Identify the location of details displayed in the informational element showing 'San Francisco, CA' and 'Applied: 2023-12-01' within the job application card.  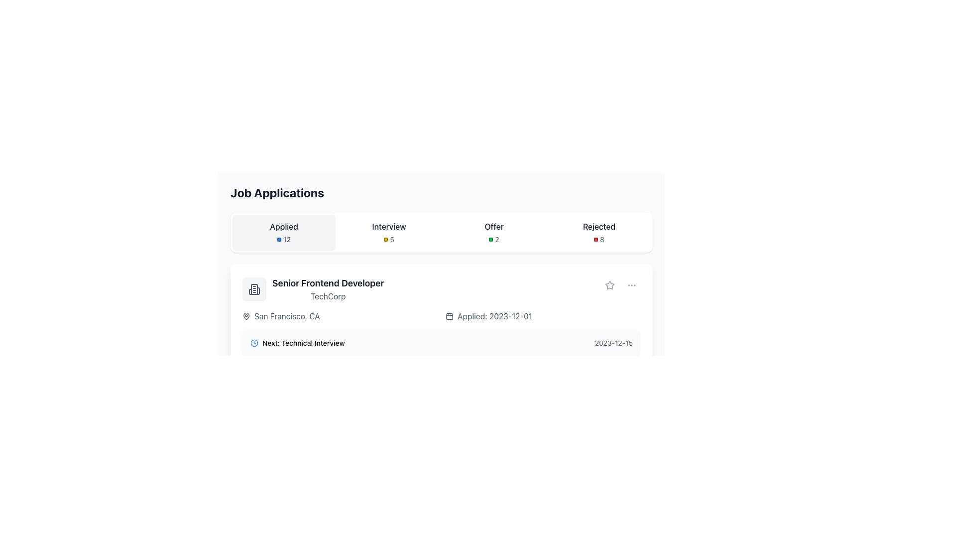
(441, 316).